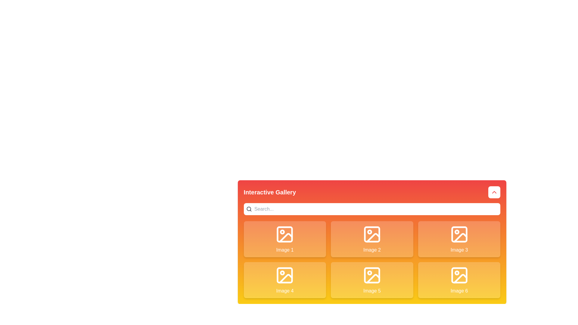 Image resolution: width=578 pixels, height=325 pixels. Describe the element at coordinates (459, 280) in the screenshot. I see `the sixth card in the 3x2 grid layout` at that location.